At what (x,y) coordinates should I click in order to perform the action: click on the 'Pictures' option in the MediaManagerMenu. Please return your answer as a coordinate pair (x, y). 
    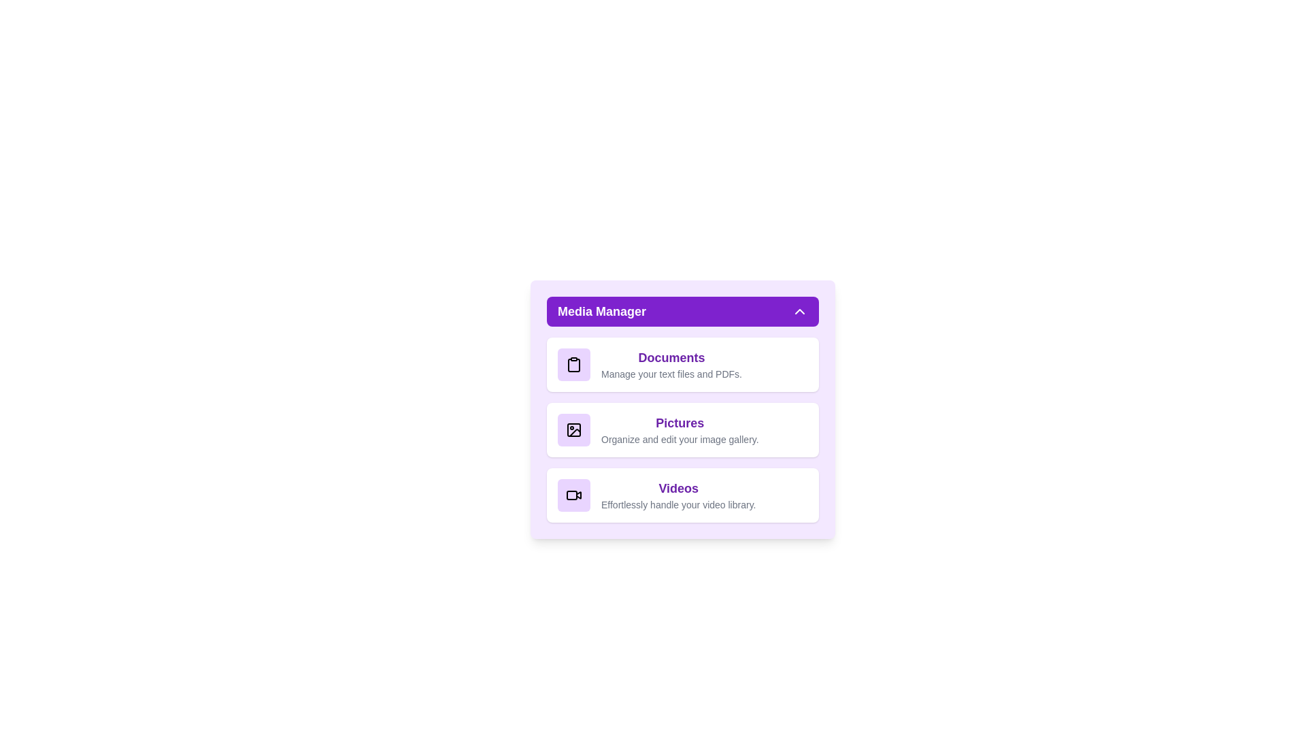
    Looking at the image, I should click on (682, 430).